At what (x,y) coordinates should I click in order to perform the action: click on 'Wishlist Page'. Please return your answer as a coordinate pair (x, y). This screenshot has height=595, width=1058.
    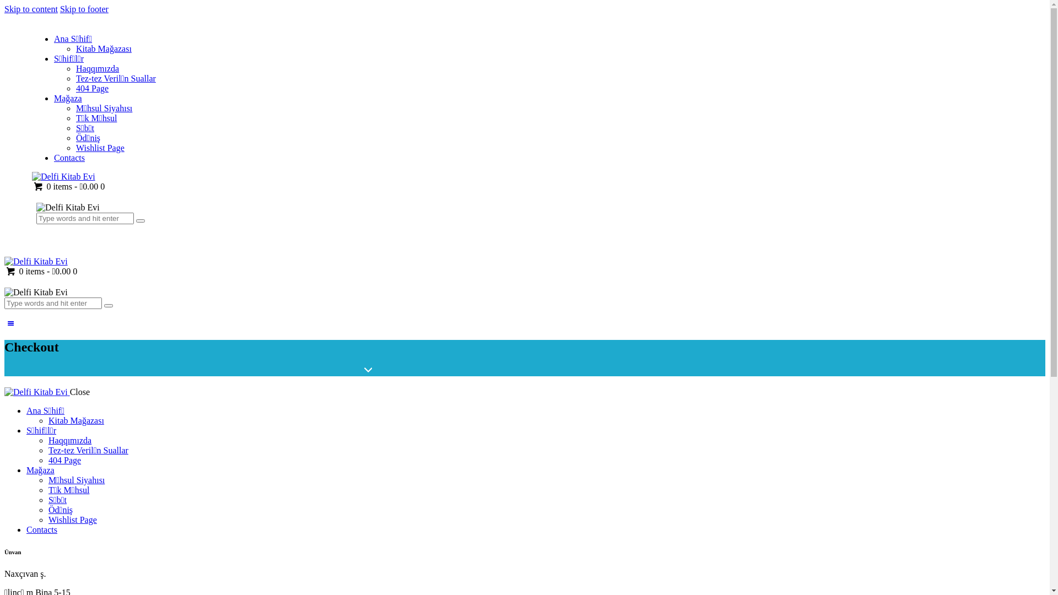
    Looking at the image, I should click on (72, 520).